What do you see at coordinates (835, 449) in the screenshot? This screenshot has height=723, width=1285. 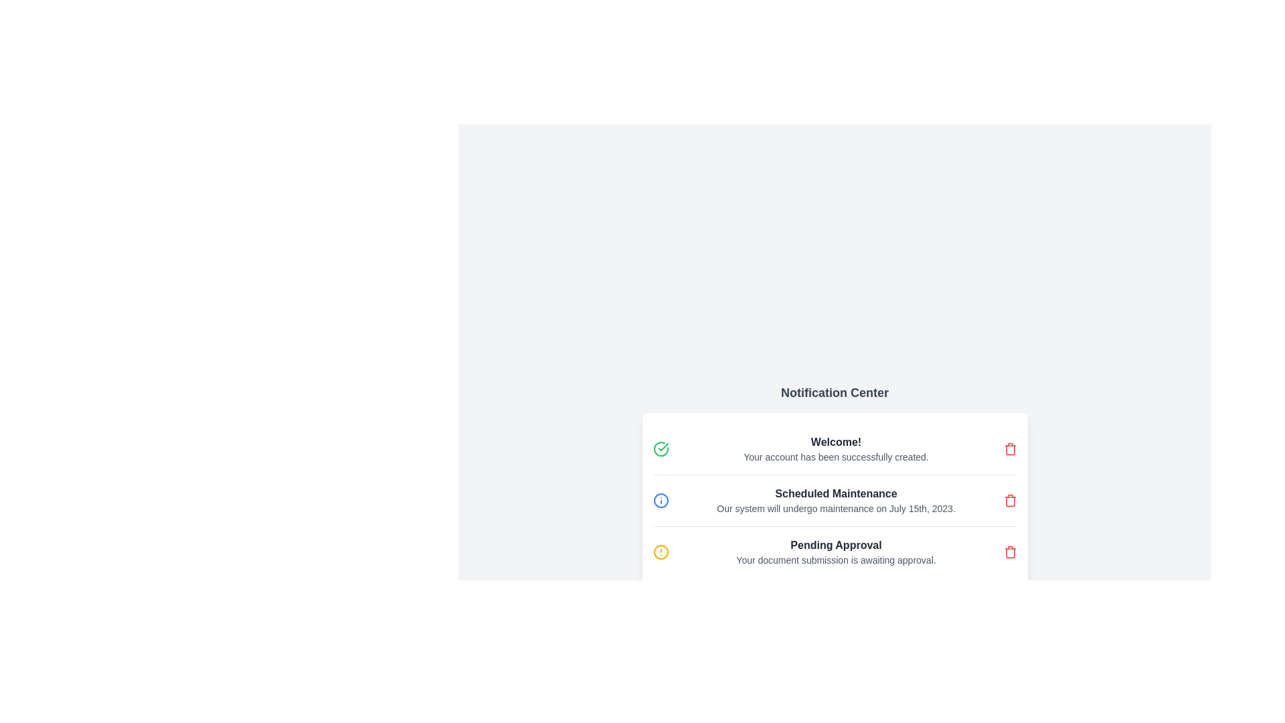 I see `the text-based notification indicating successful account creation, which is the first entry in the Notification Center located below a green checkmark icon` at bounding box center [835, 449].